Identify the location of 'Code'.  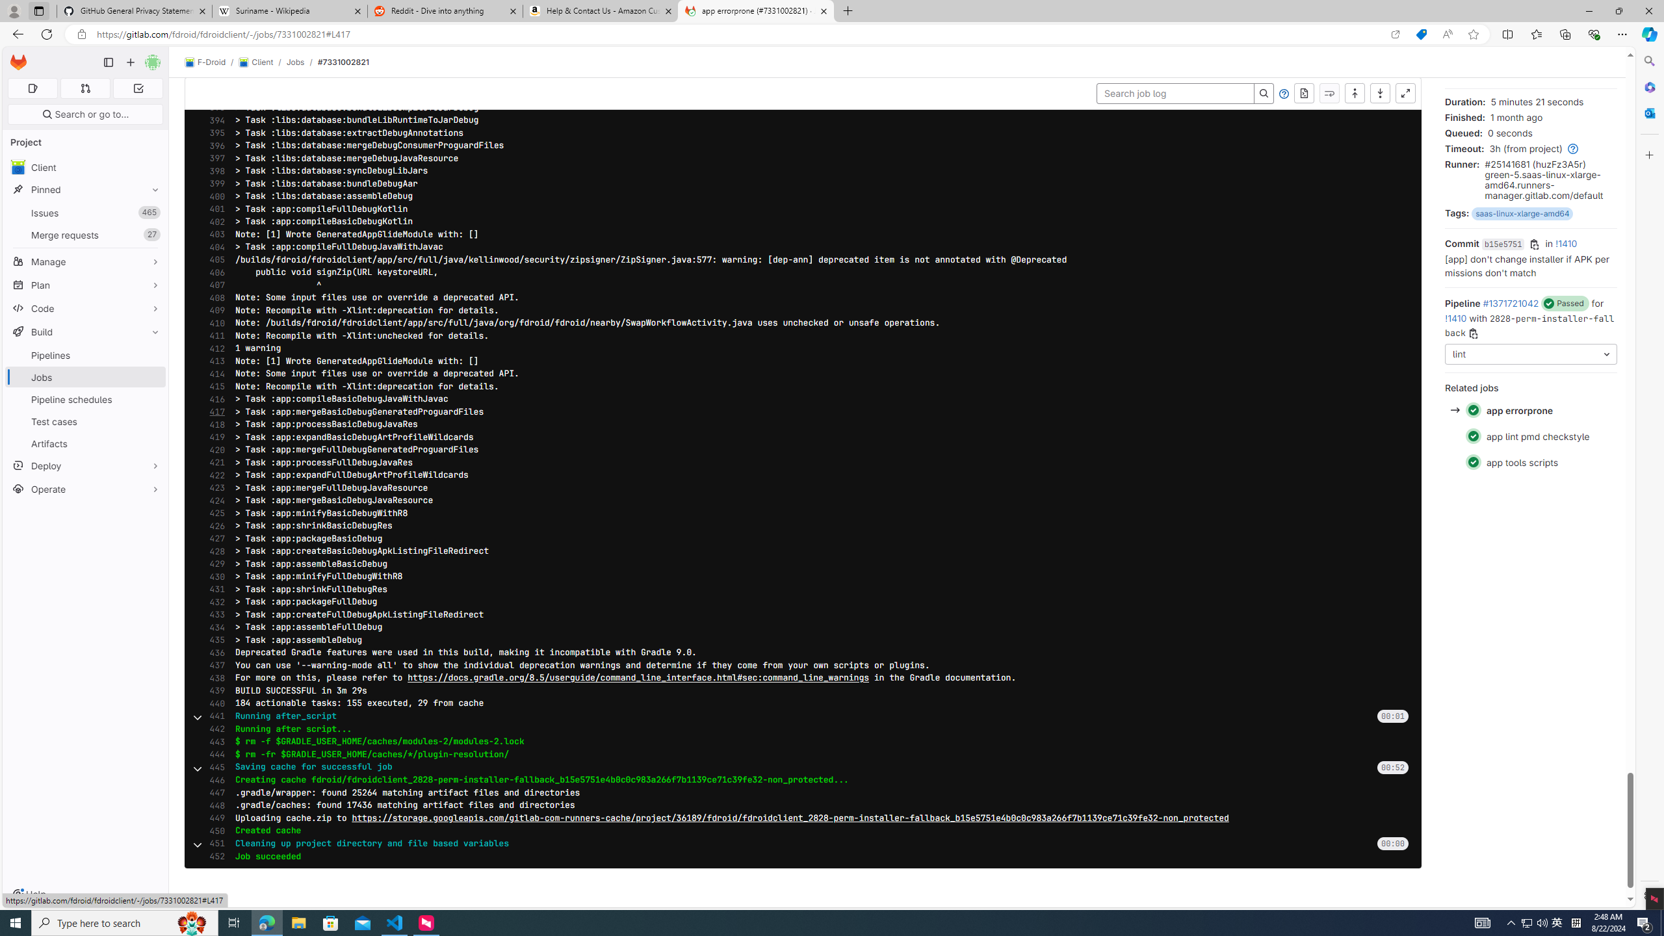
(84, 308).